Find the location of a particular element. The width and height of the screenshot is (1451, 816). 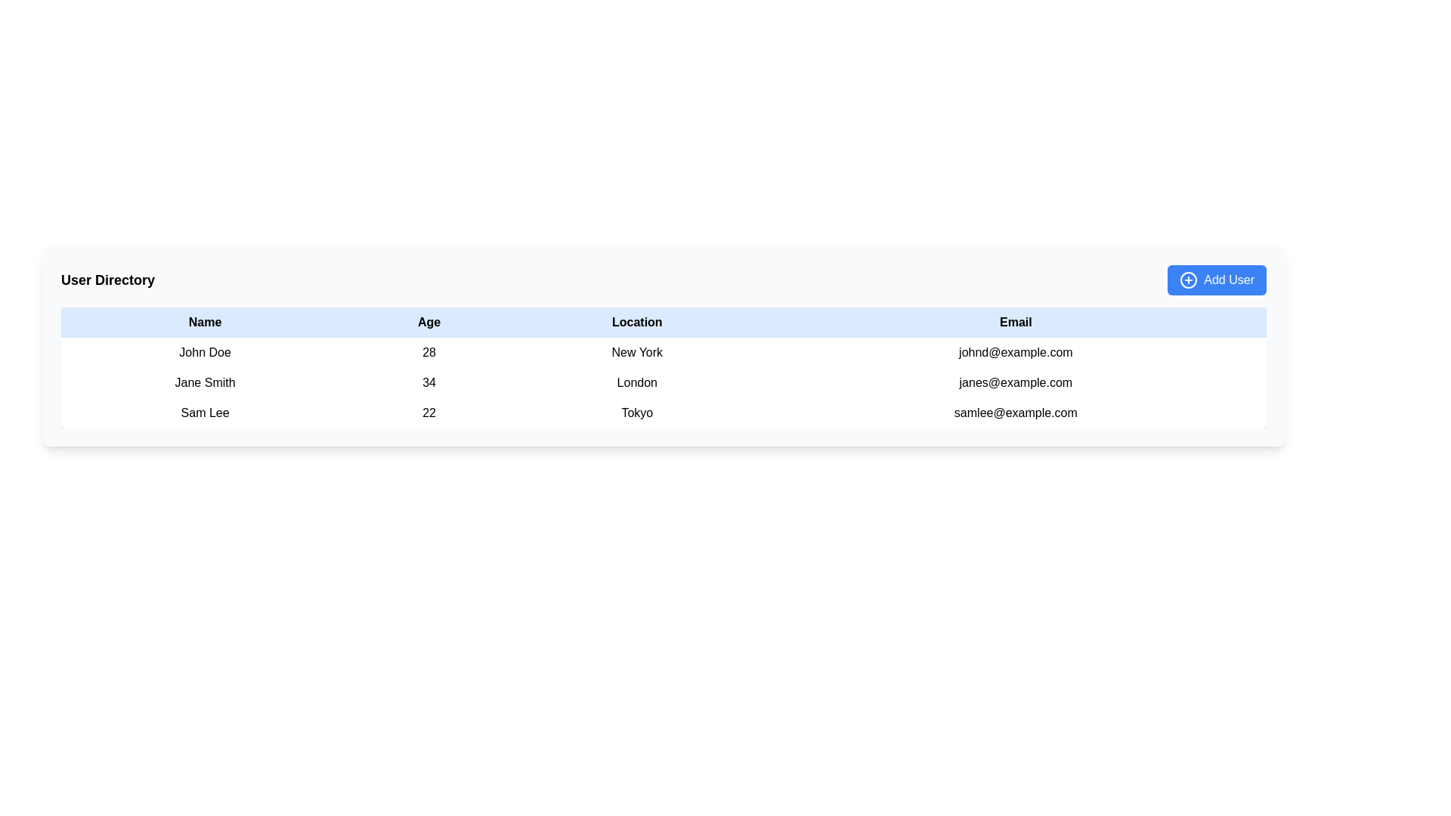

the text display showing 'samlee@example.com' in the fourth column of the third row of the user information table is located at coordinates (1016, 413).